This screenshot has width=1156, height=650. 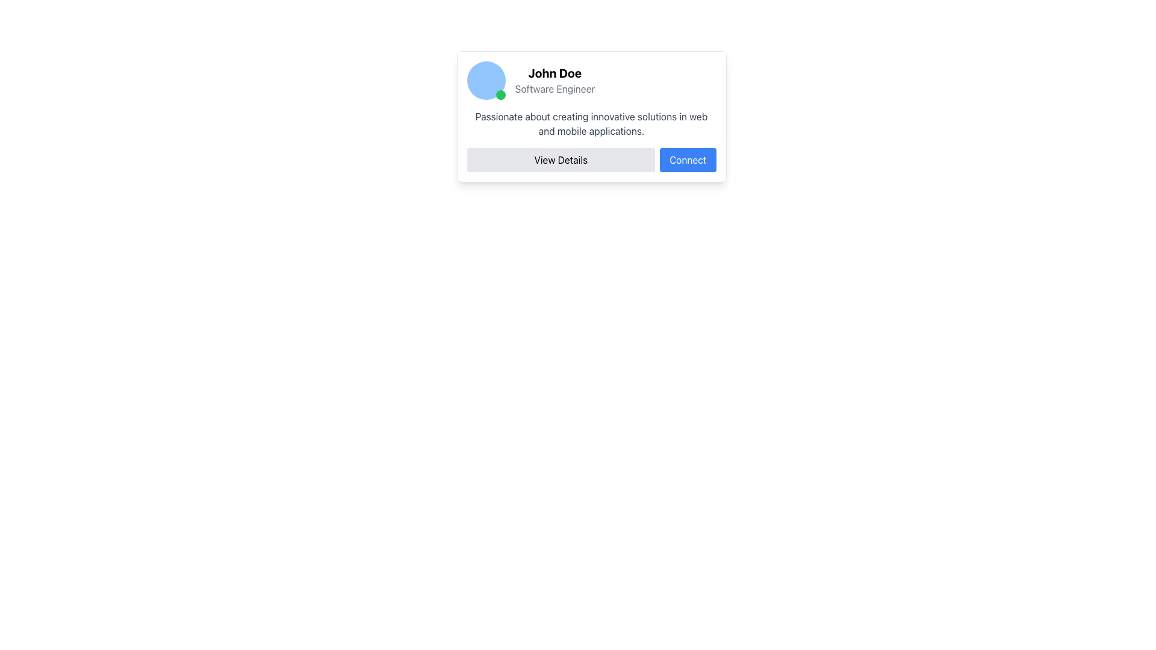 I want to click on the second button in the group located at the bottom of the profile card to observe the hover effect, so click(x=688, y=159).